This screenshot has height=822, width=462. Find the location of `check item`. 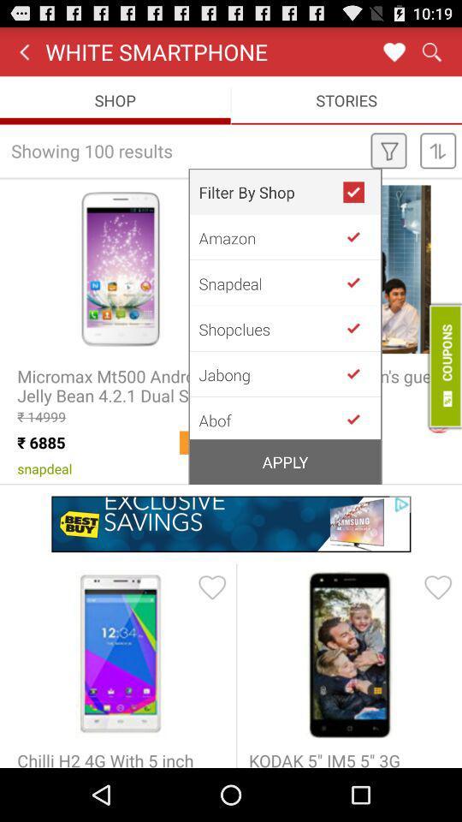

check item is located at coordinates (359, 417).